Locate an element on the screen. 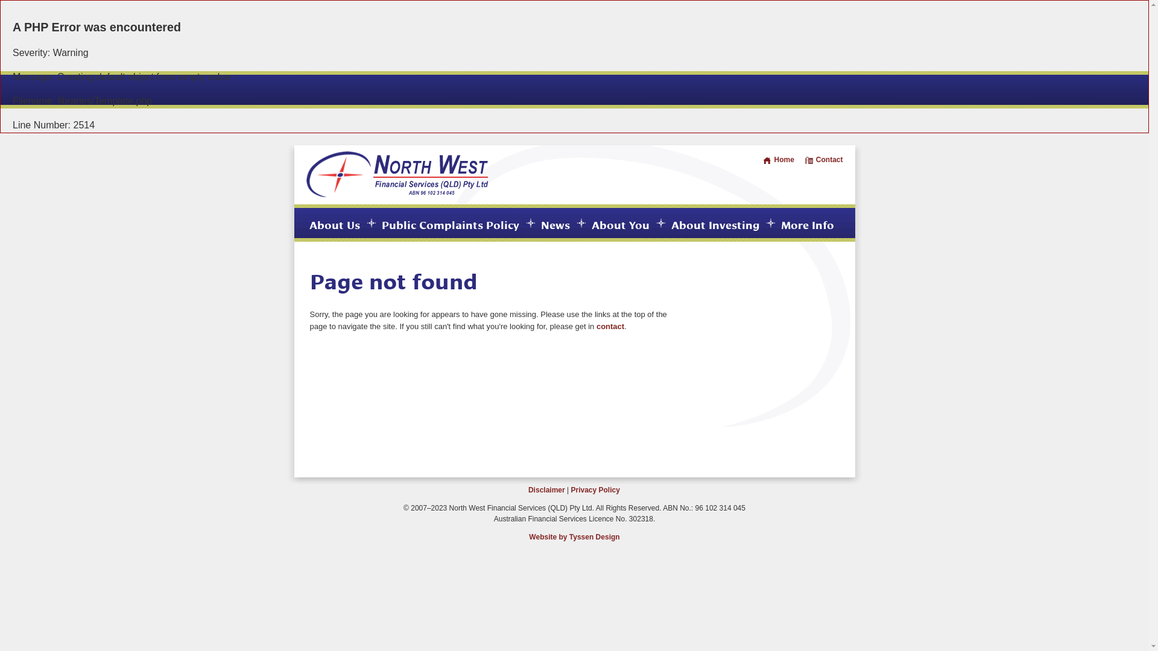 The image size is (1158, 651). 'More Info' is located at coordinates (780, 224).